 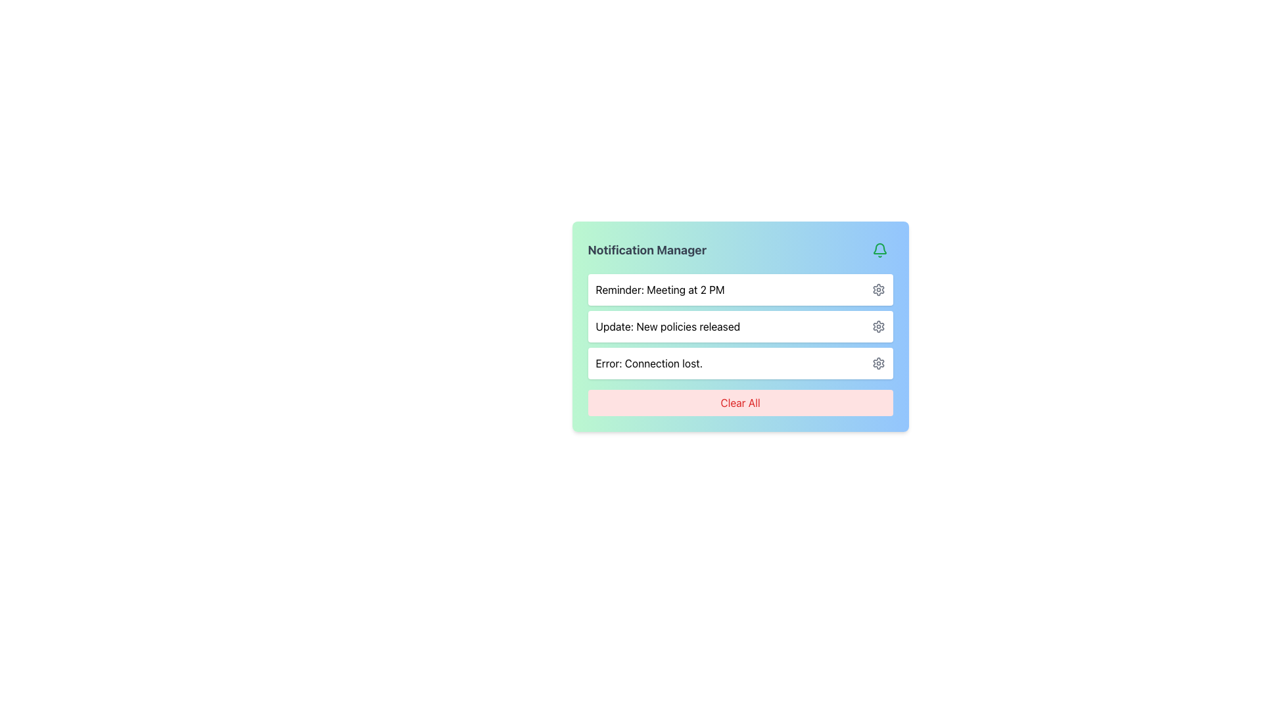 I want to click on the 'Clear All' button, which is a rectangular button with a red background and rounded corners located at the bottom of the notification panel, so click(x=740, y=402).